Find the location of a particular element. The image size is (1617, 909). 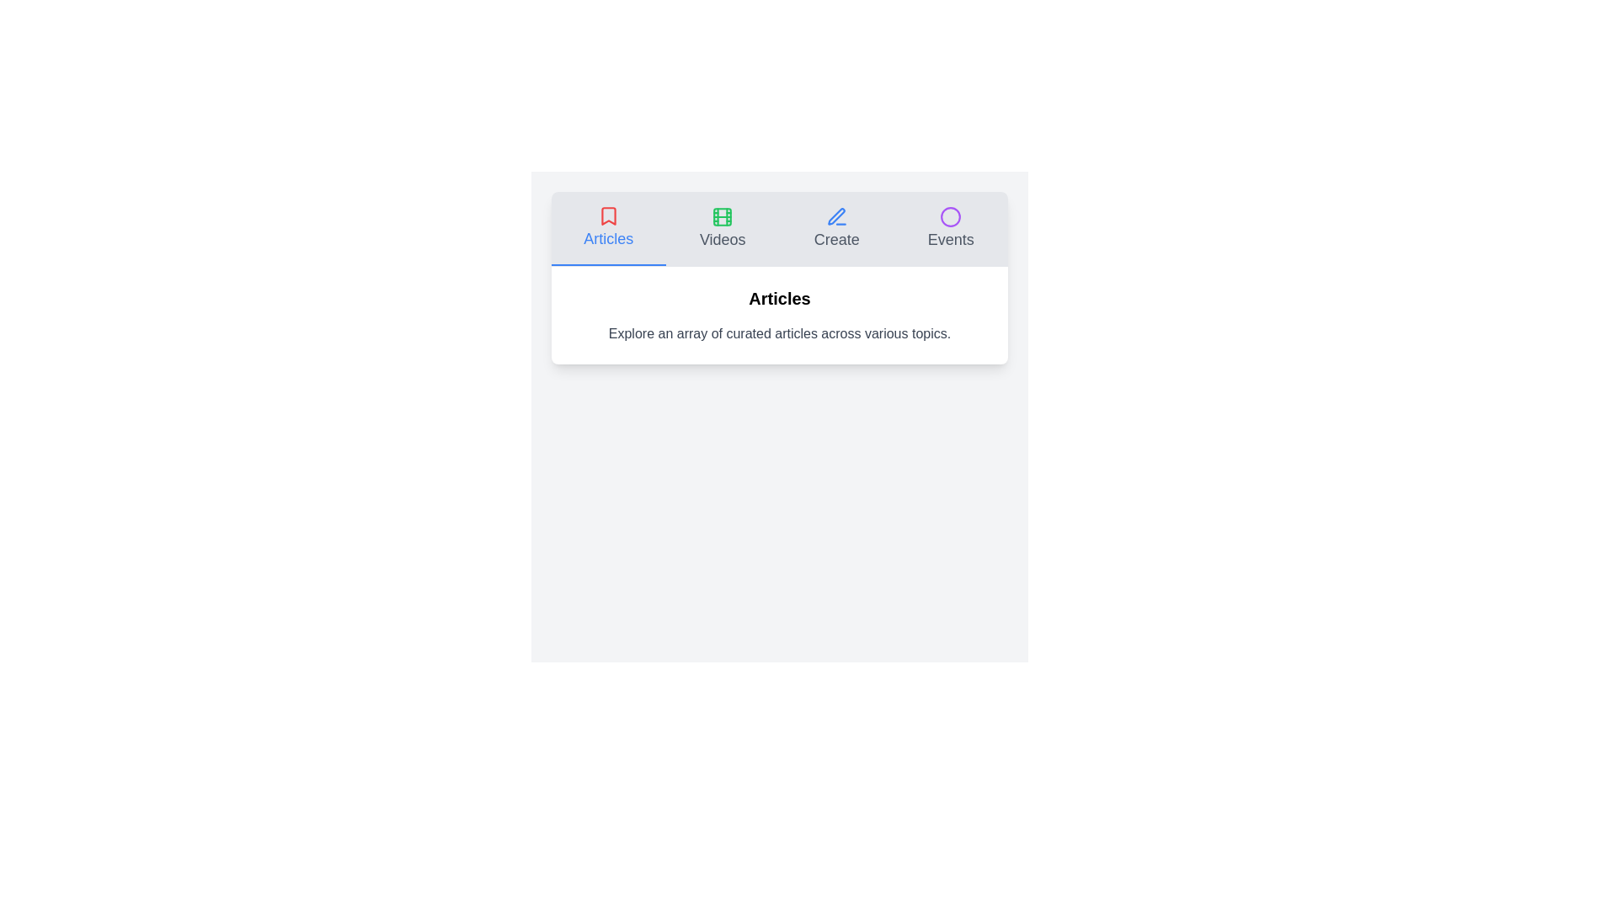

the tab labeled Articles to observe the hover effect is located at coordinates (607, 229).